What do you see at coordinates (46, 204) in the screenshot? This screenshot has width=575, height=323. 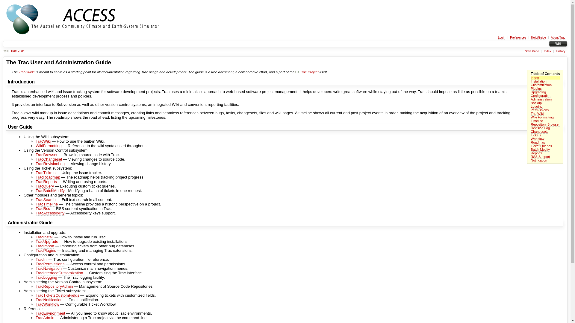 I see `'TracTimeline'` at bounding box center [46, 204].